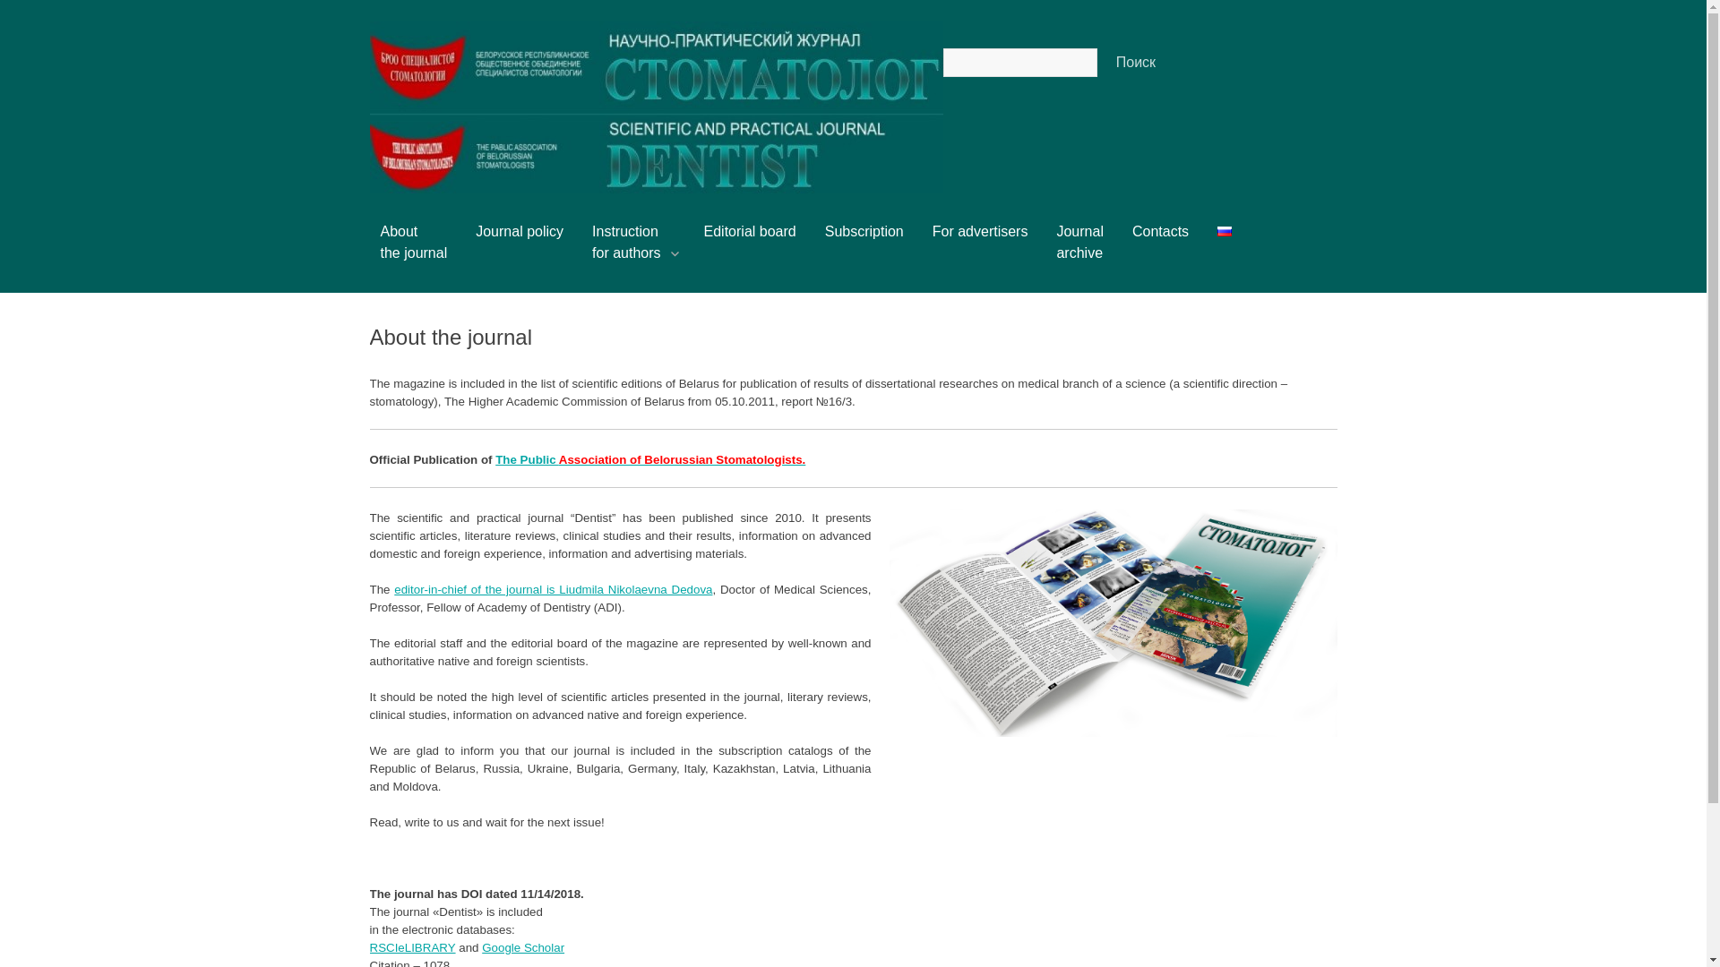  What do you see at coordinates (932, 237) in the screenshot?
I see `'For advertisers'` at bounding box center [932, 237].